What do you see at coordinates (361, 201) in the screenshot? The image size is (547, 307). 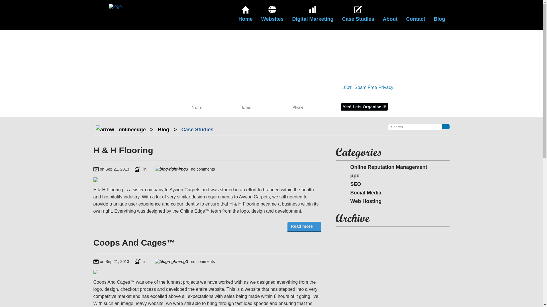 I see `'Web Hosting'` at bounding box center [361, 201].